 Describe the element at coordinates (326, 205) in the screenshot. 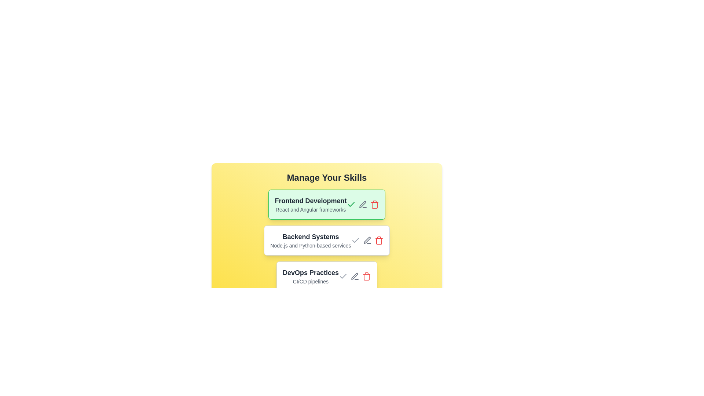

I see `the item labeled Frontend Development by clicking on it` at that location.